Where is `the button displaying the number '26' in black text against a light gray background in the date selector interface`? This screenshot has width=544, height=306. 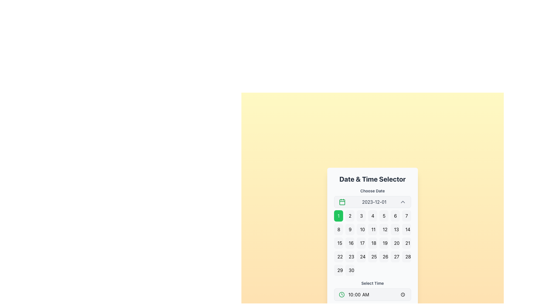 the button displaying the number '26' in black text against a light gray background in the date selector interface is located at coordinates (384, 257).